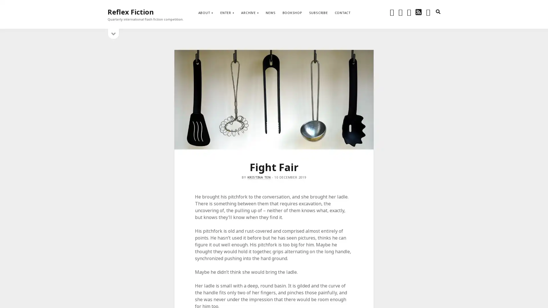 The image size is (548, 308). I want to click on open sidebar, so click(113, 34).